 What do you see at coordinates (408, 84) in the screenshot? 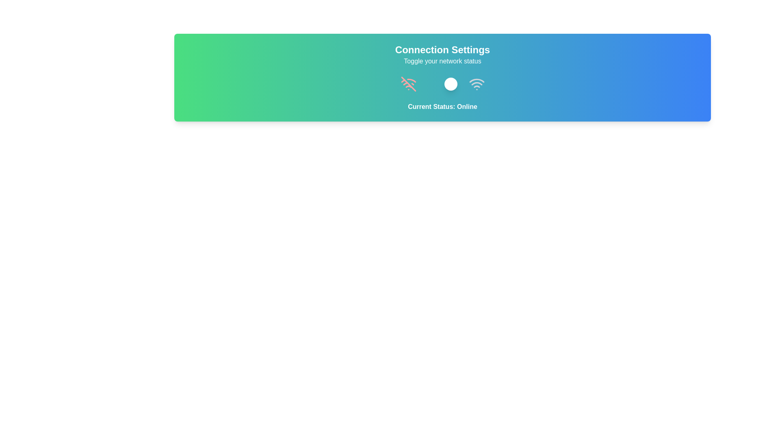
I see `the WifiOff icon to toggle the network status` at bounding box center [408, 84].